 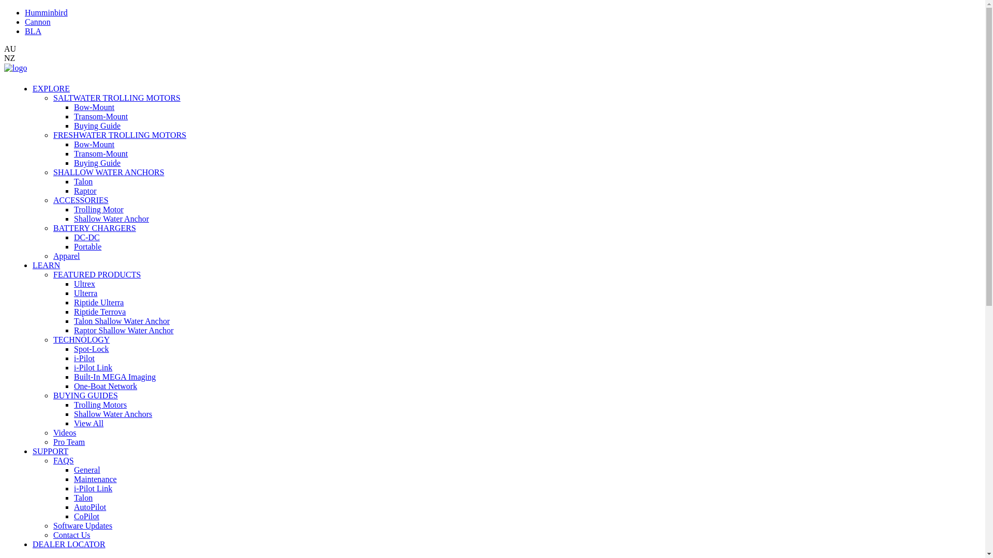 I want to click on 'Transom-Mount', so click(x=101, y=153).